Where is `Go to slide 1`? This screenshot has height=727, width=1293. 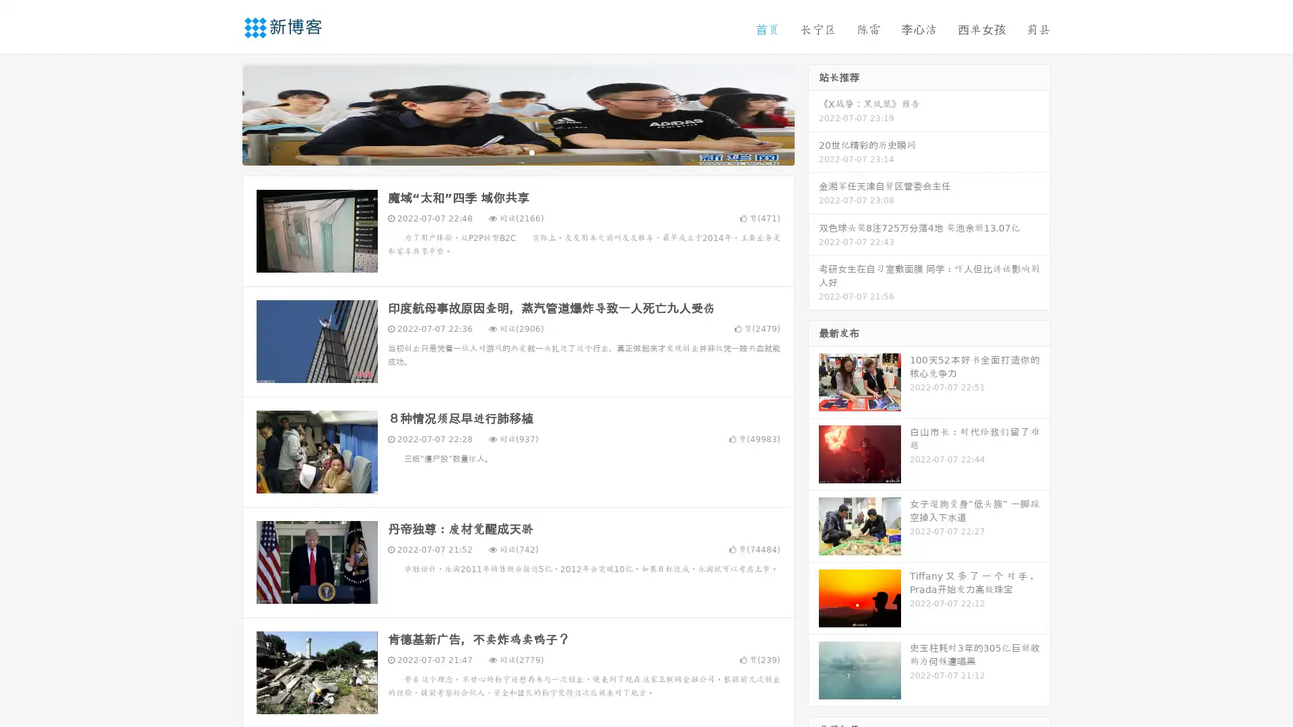 Go to slide 1 is located at coordinates (504, 151).